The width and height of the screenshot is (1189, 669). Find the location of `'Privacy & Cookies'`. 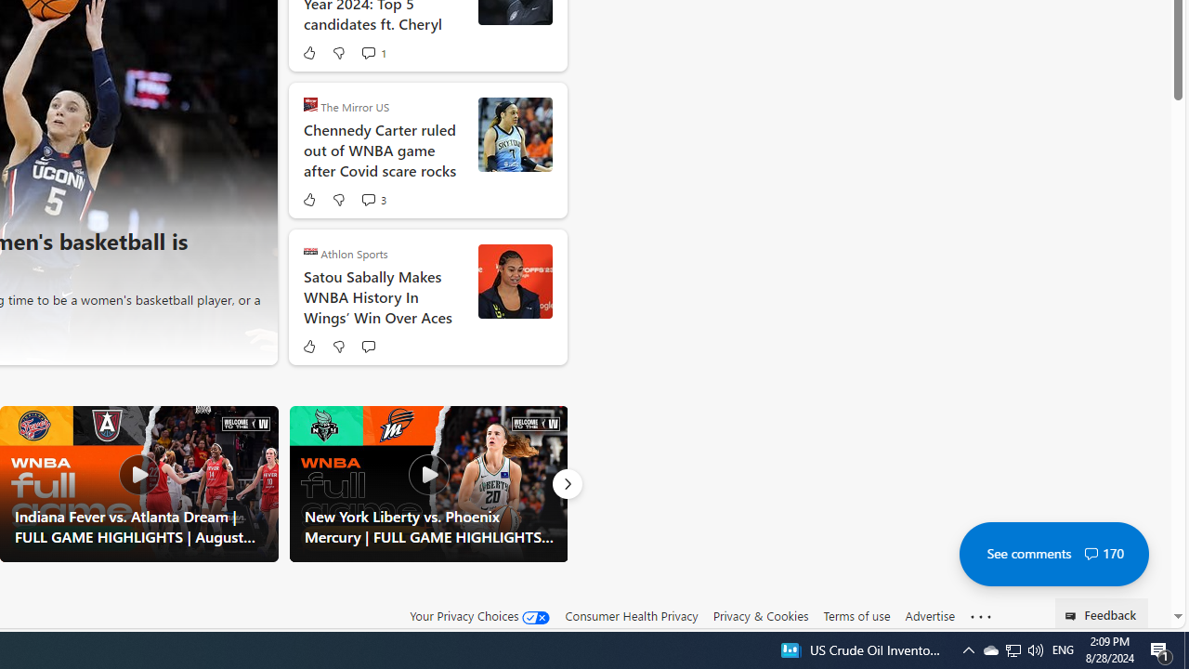

'Privacy & Cookies' is located at coordinates (760, 616).